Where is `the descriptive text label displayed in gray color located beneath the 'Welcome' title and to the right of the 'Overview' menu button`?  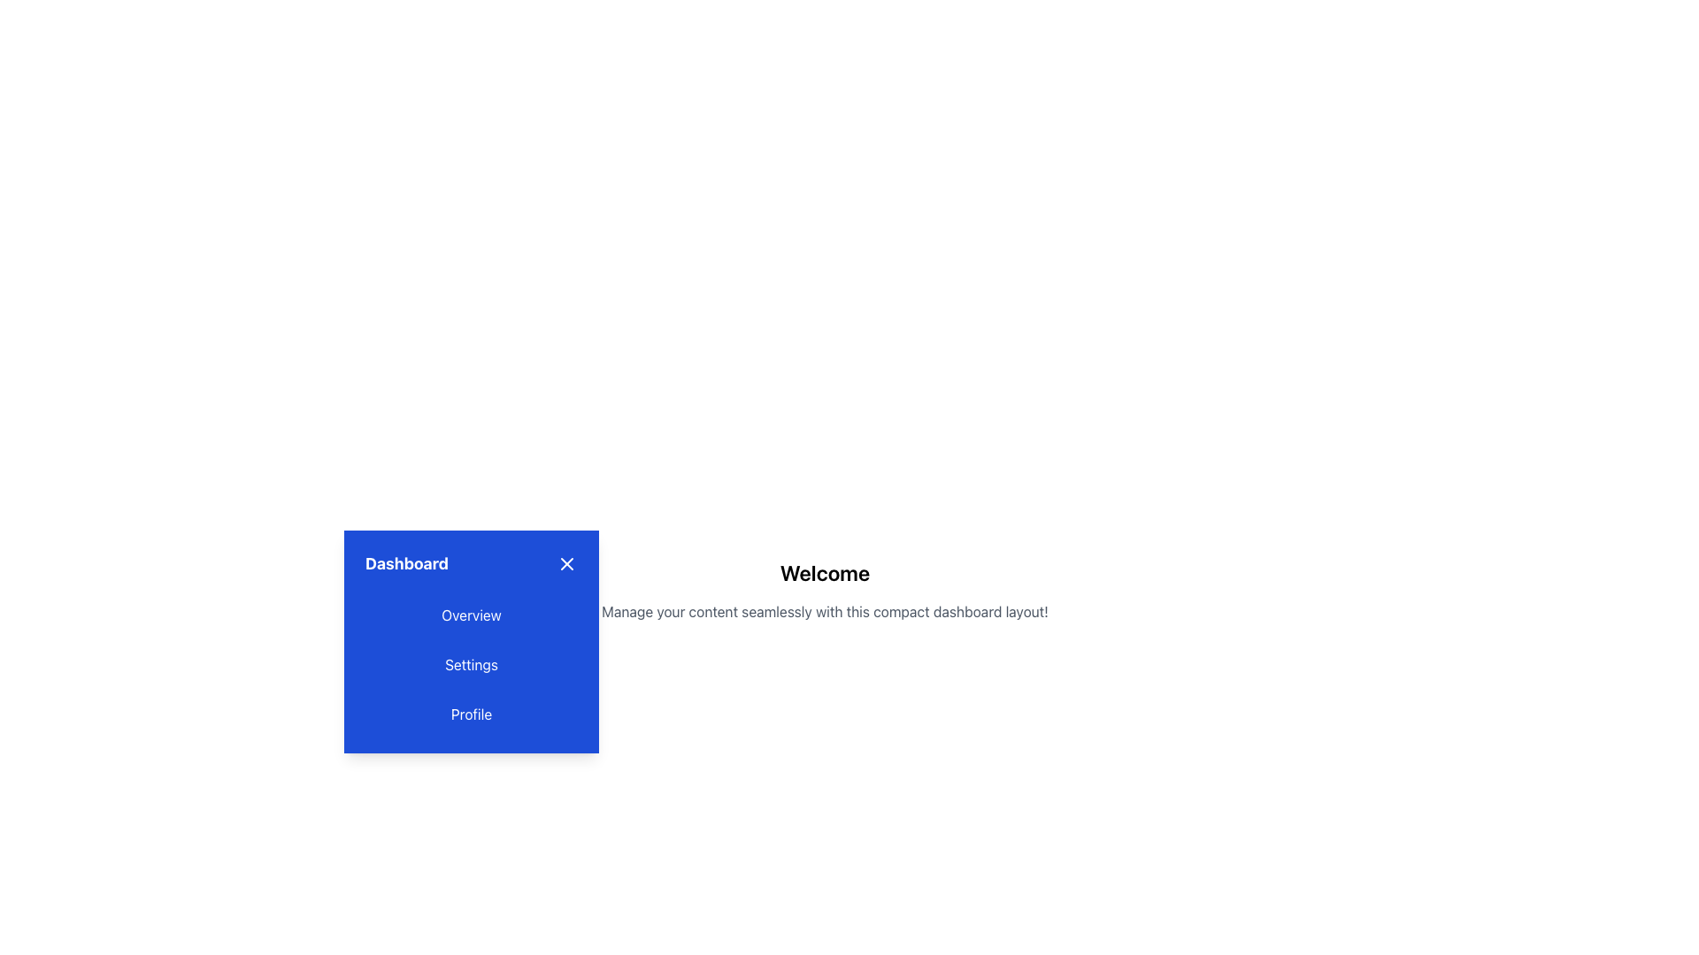 the descriptive text label displayed in gray color located beneath the 'Welcome' title and to the right of the 'Overview' menu button is located at coordinates (824, 610).